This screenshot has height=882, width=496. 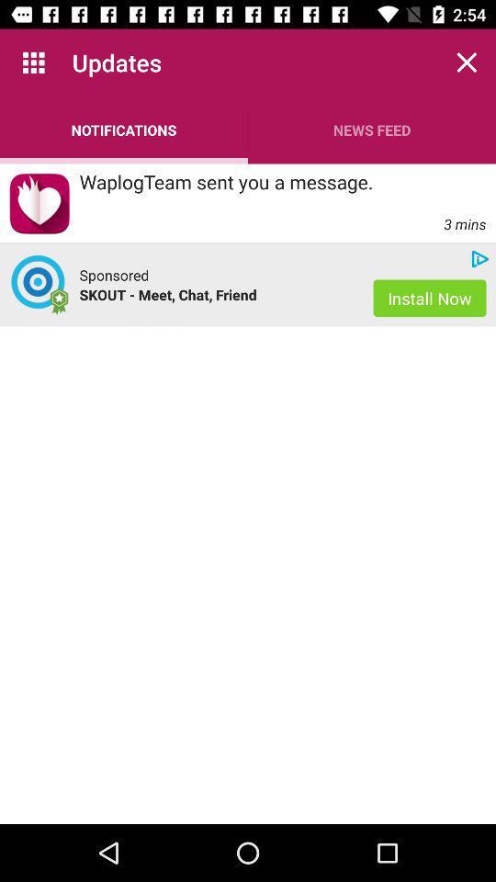 I want to click on sponsored, so click(x=114, y=274).